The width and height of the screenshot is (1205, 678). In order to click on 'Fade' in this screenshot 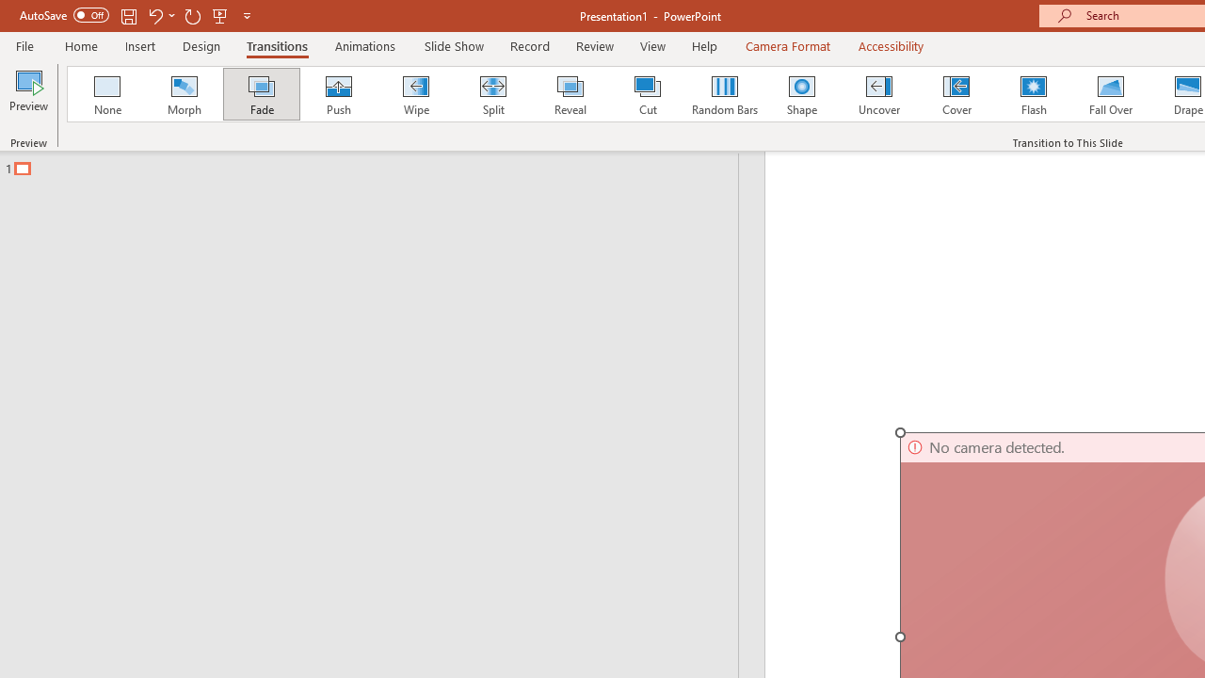, I will do `click(260, 94)`.